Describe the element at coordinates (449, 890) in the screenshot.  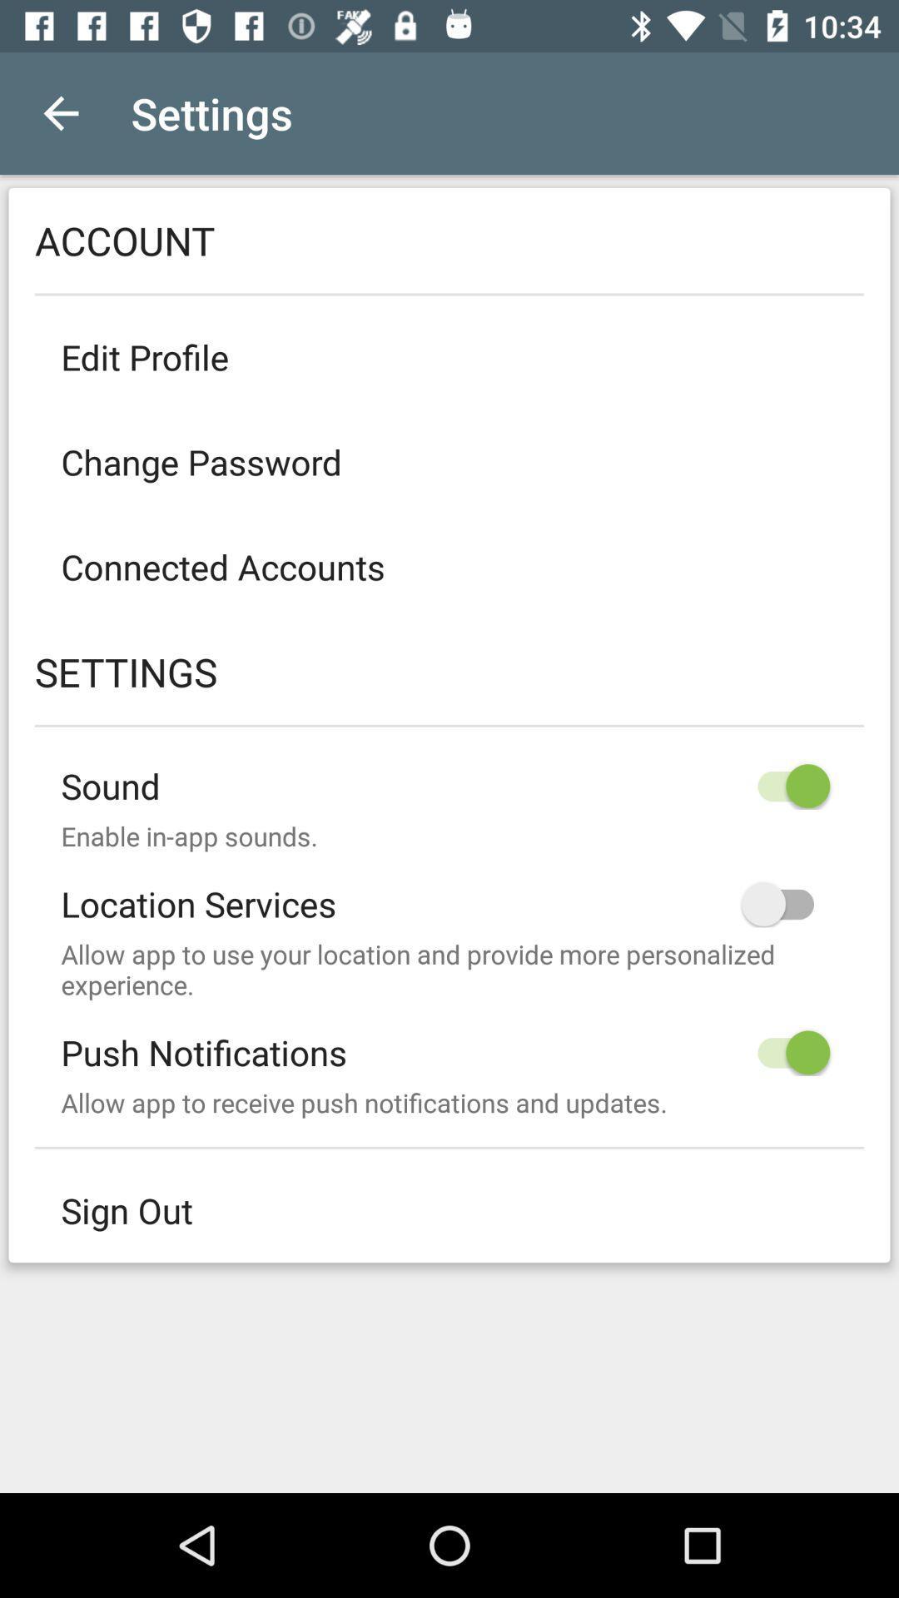
I see `item above the allow app to item` at that location.